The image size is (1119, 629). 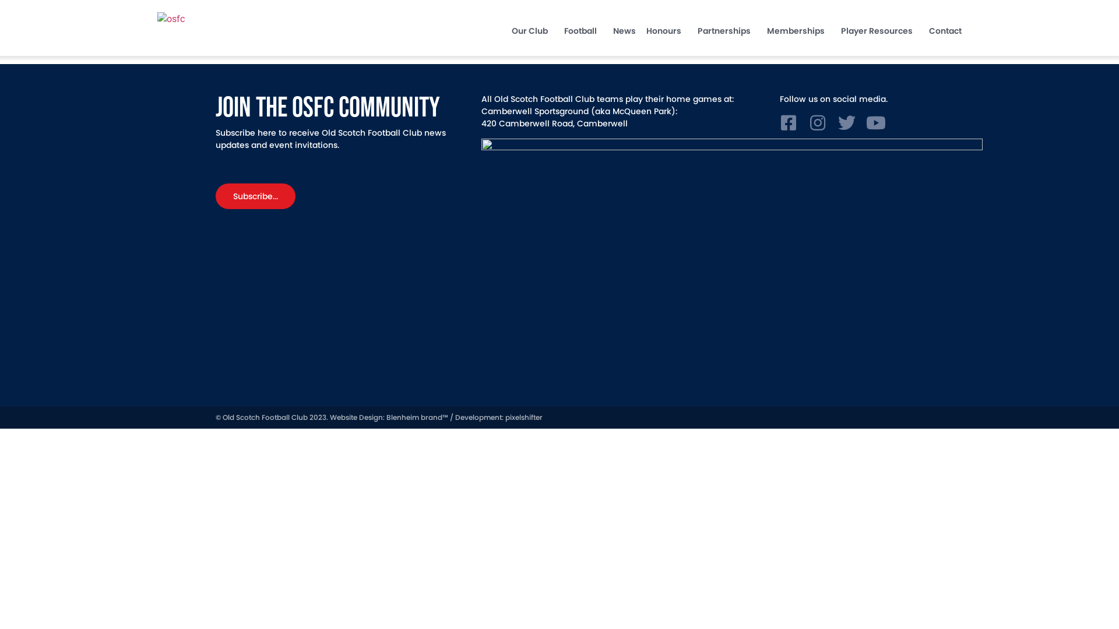 I want to click on 'News', so click(x=624, y=30).